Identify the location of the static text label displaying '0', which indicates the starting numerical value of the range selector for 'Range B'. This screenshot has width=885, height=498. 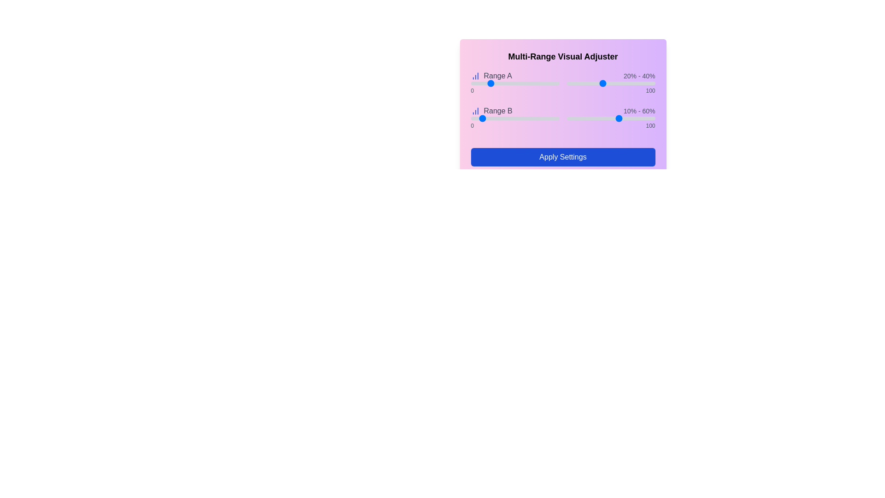
(472, 126).